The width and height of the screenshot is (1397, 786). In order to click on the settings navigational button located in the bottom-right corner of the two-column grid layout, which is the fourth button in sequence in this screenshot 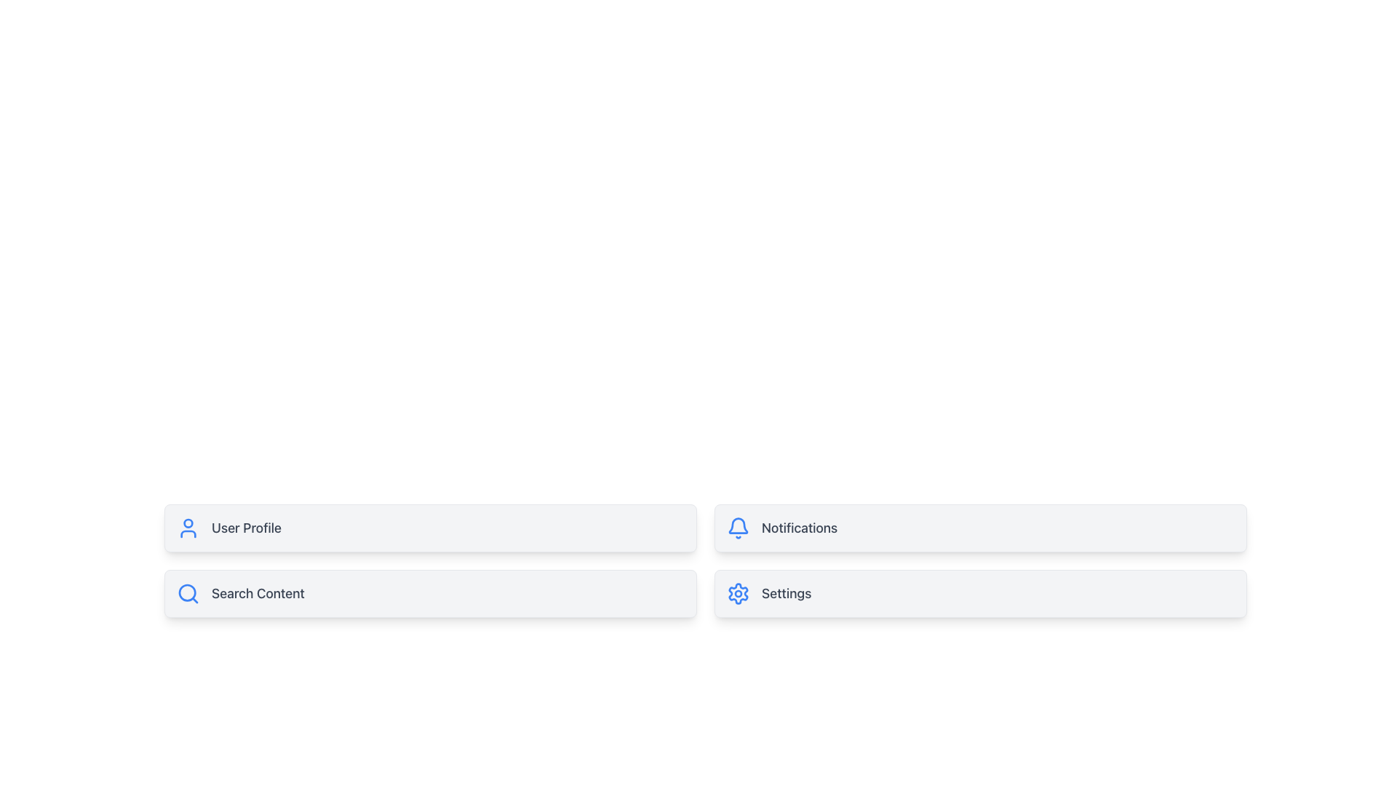, I will do `click(981, 594)`.